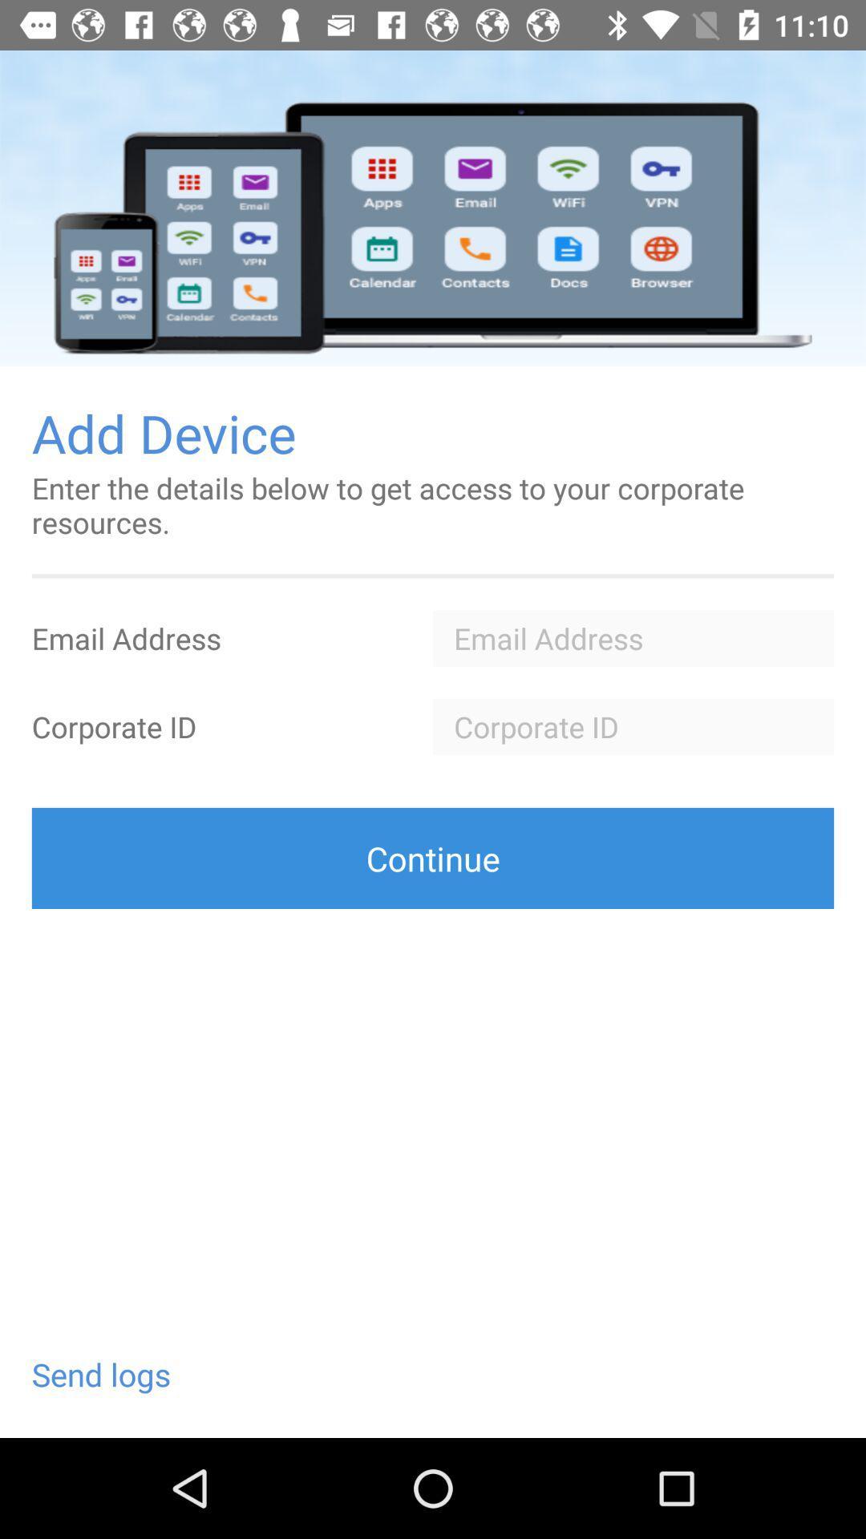  I want to click on the icon above the send logs icon, so click(433, 857).